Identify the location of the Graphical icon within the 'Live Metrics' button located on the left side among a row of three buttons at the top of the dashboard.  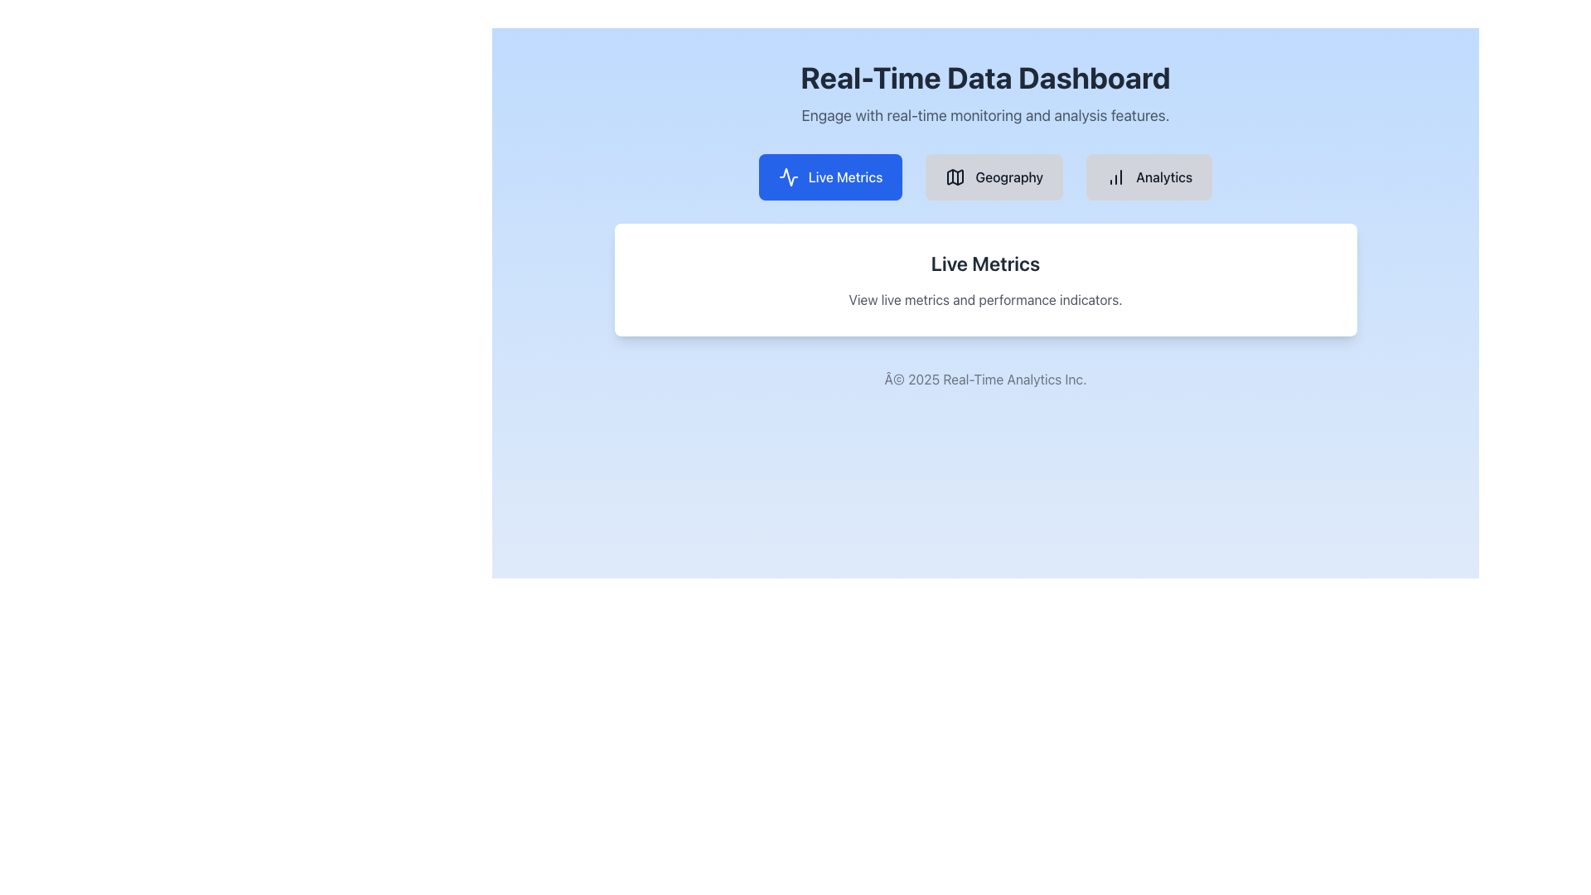
(787, 177).